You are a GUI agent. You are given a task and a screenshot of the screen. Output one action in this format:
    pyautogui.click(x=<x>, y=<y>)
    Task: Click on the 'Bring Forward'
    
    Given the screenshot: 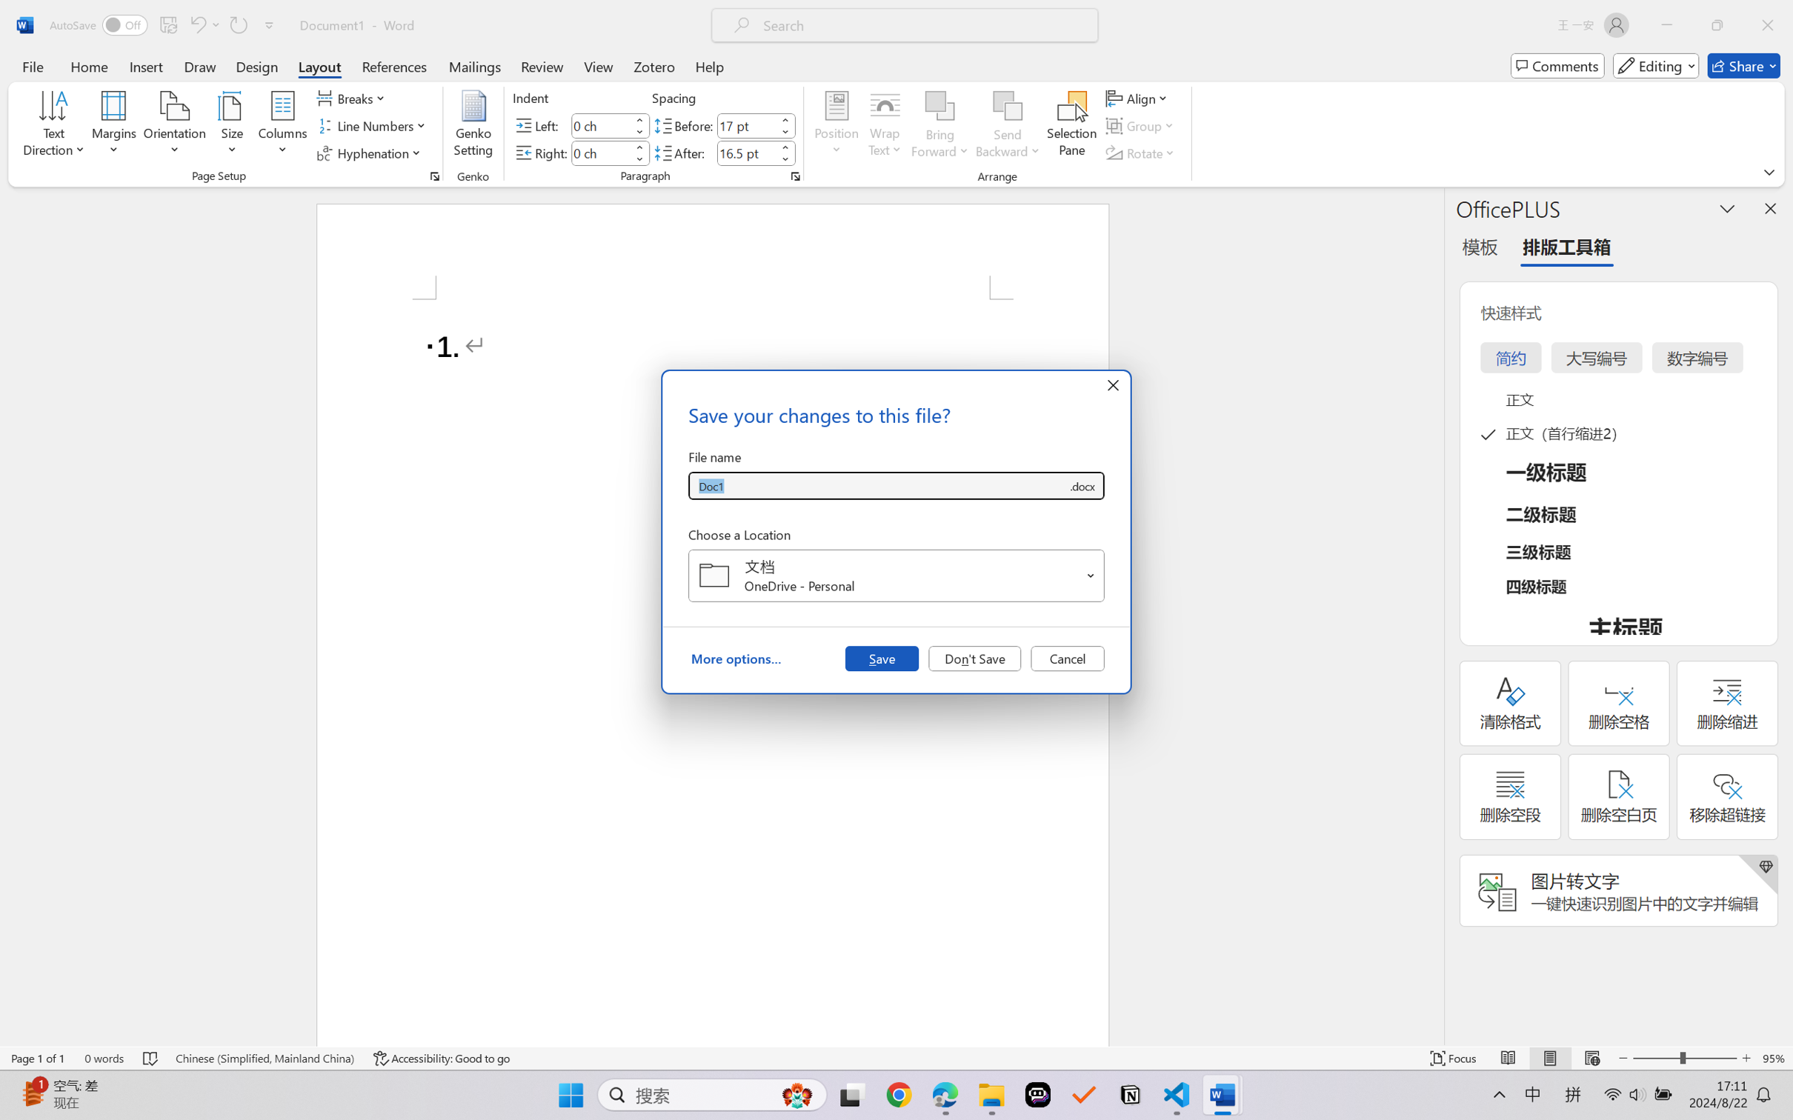 What is the action you would take?
    pyautogui.click(x=940, y=126)
    